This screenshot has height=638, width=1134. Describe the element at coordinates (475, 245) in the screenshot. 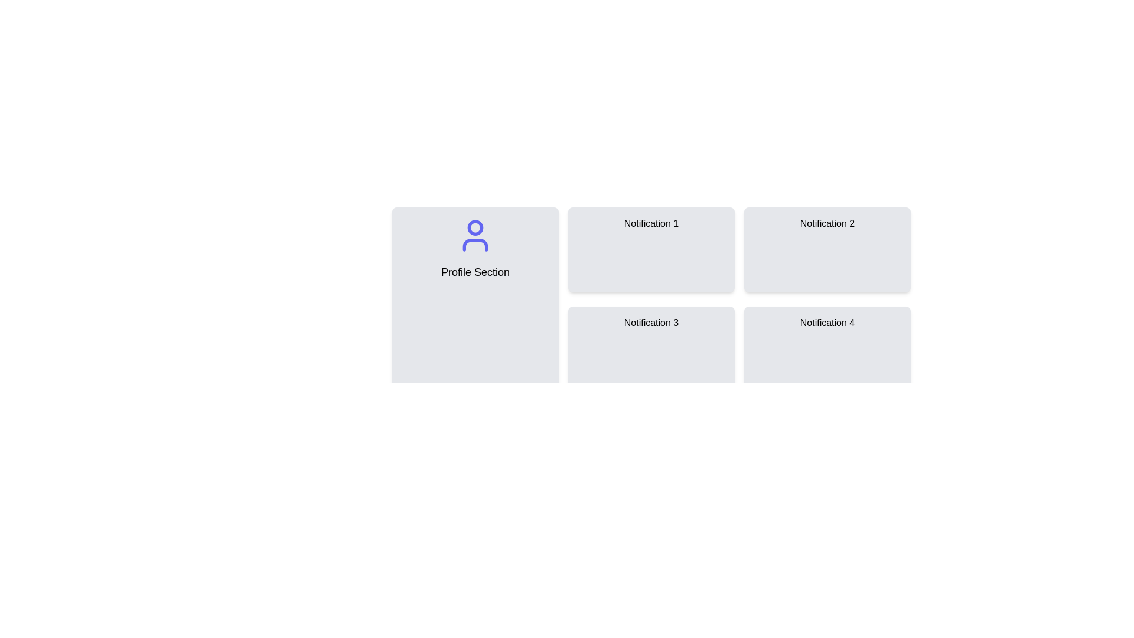

I see `the bottom half of the user profile icon, which is part of the 'Profile Section'` at that location.